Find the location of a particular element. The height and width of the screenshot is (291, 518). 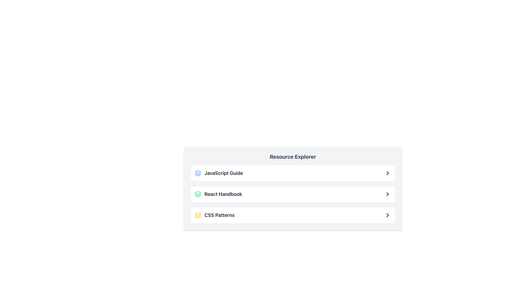

the right-facing chevron icon located in the 'React Handbook' section, positioned at the far right, adjacent to the text 'React Handbook' is located at coordinates (387, 194).